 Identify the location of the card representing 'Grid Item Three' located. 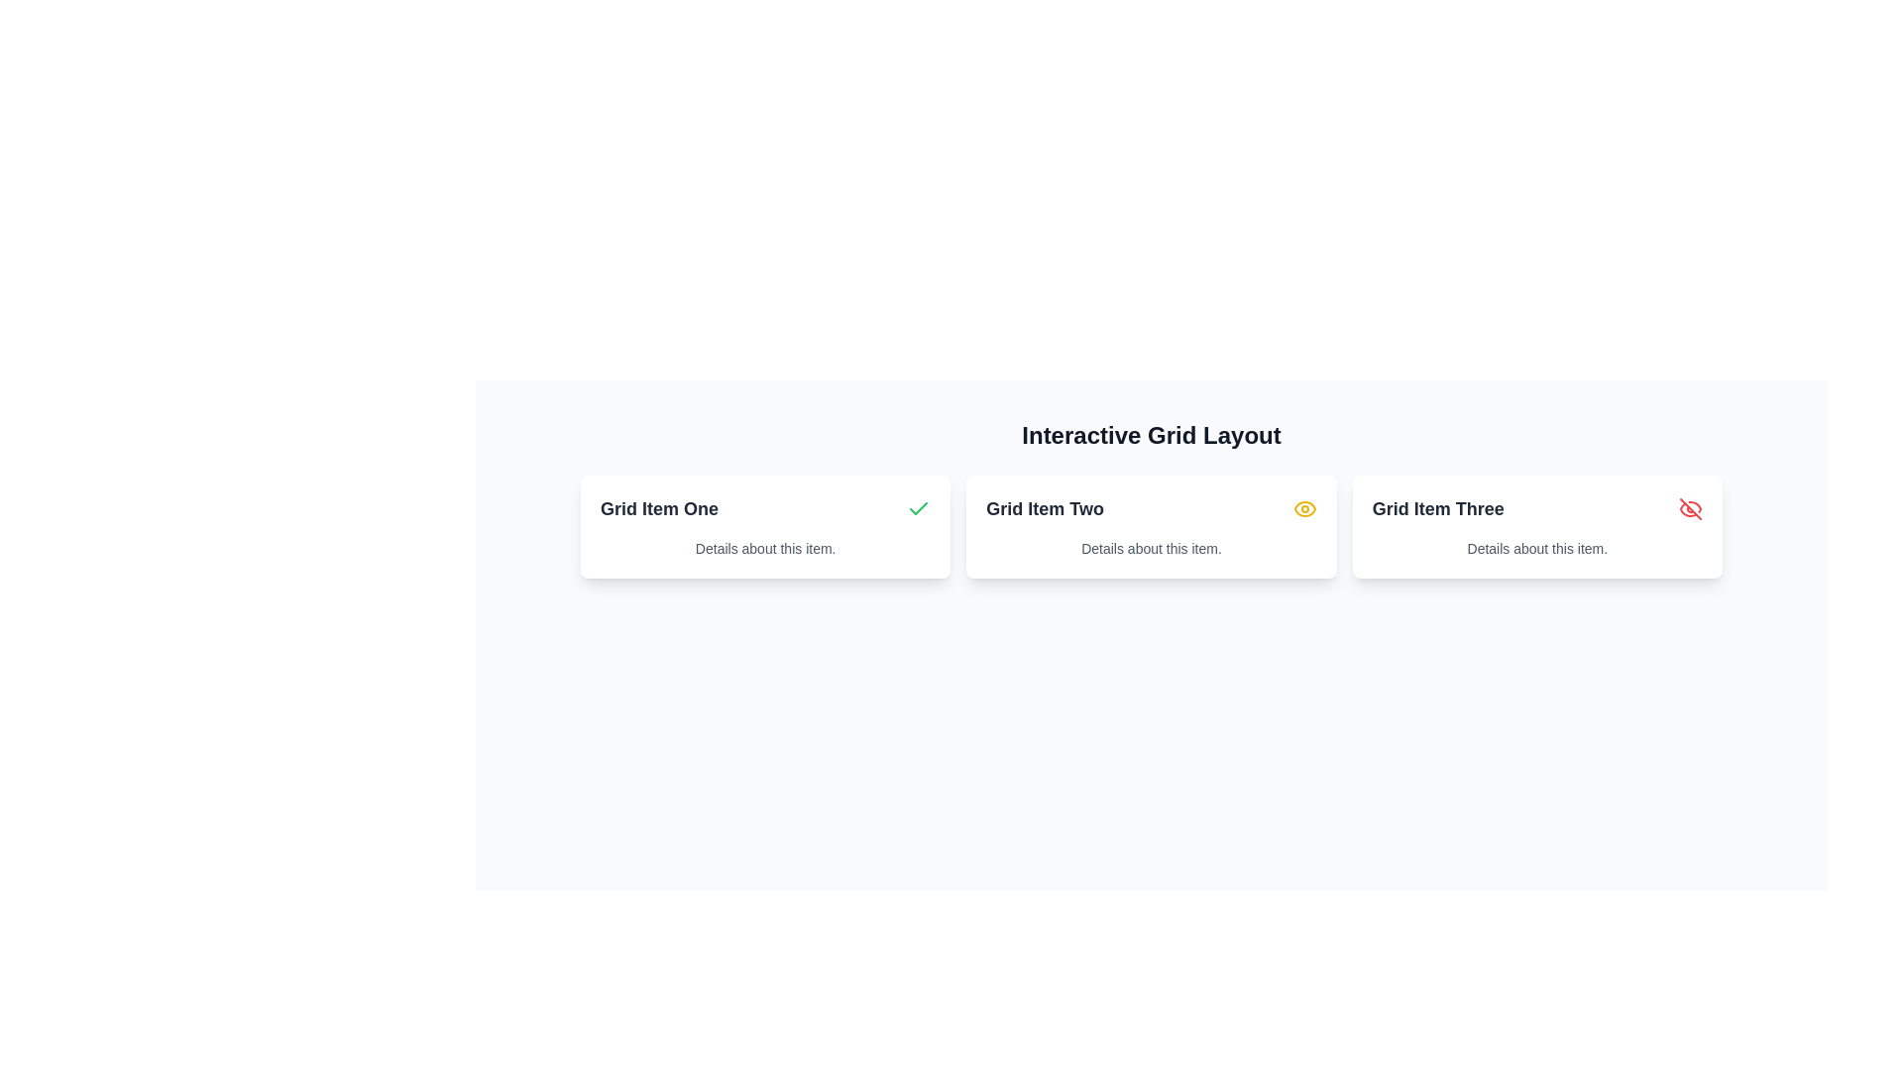
(1536, 526).